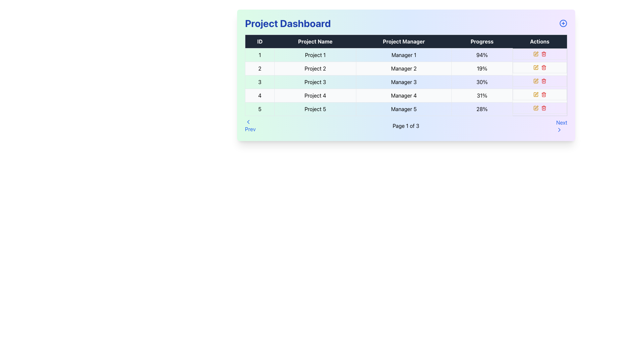 The height and width of the screenshot is (356, 634). I want to click on the fifth row in the data table that displays information for 'Project 5', its manager, and performance percentage, so click(405, 109).